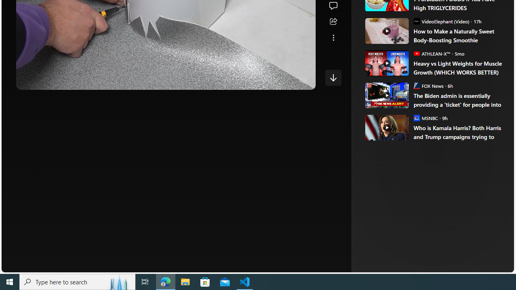  Describe the element at coordinates (416, 118) in the screenshot. I see `'MSNBC'` at that location.